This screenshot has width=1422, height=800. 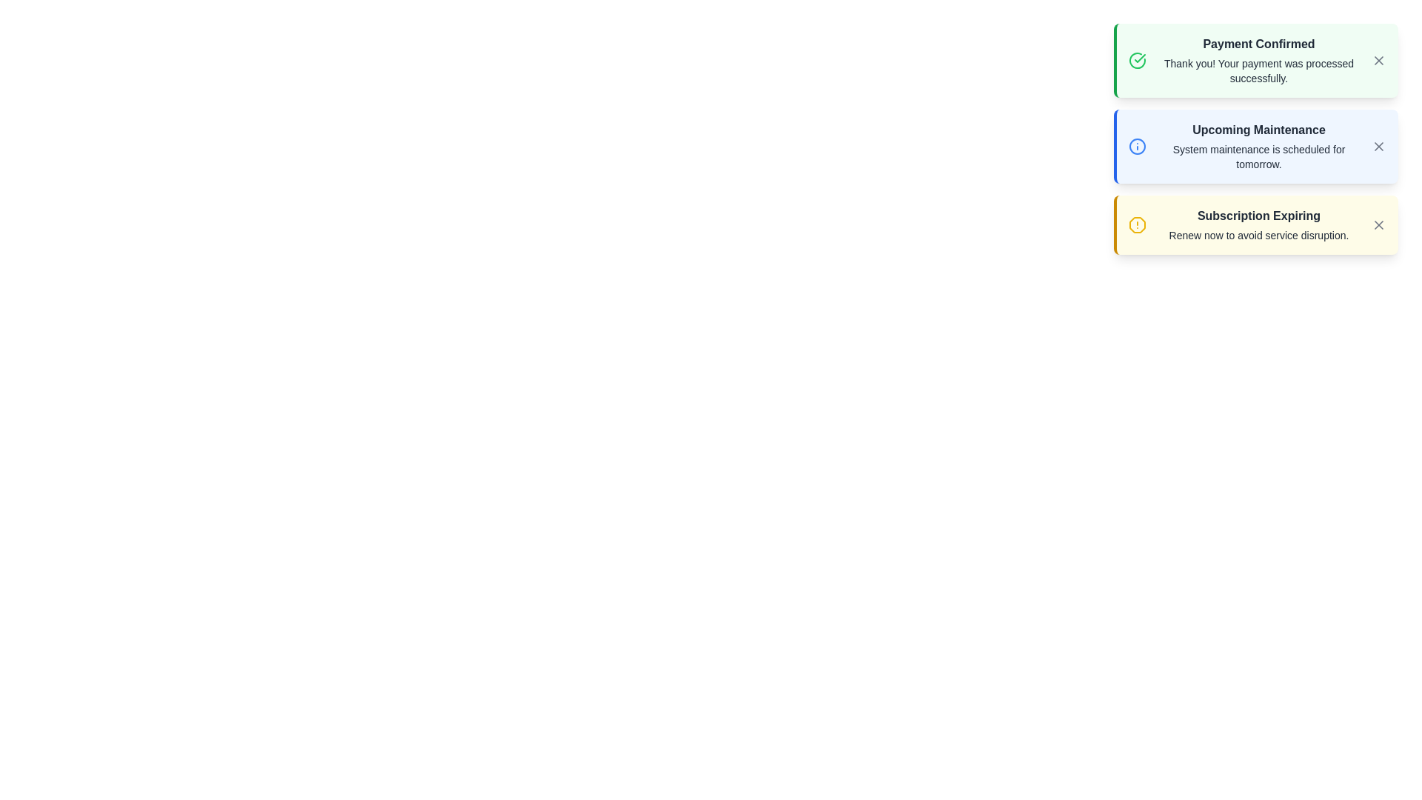 What do you see at coordinates (1258, 146) in the screenshot?
I see `the content of the notification titled Upcoming Maintenance` at bounding box center [1258, 146].